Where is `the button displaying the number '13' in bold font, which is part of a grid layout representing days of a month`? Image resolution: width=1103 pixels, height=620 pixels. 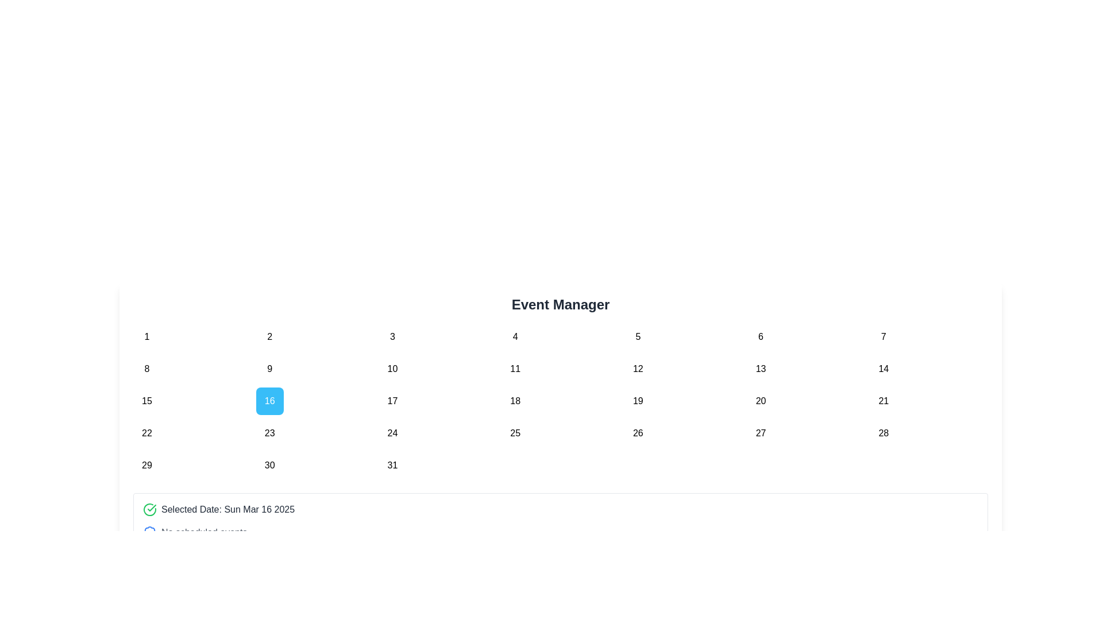
the button displaying the number '13' in bold font, which is part of a grid layout representing days of a month is located at coordinates (761, 369).